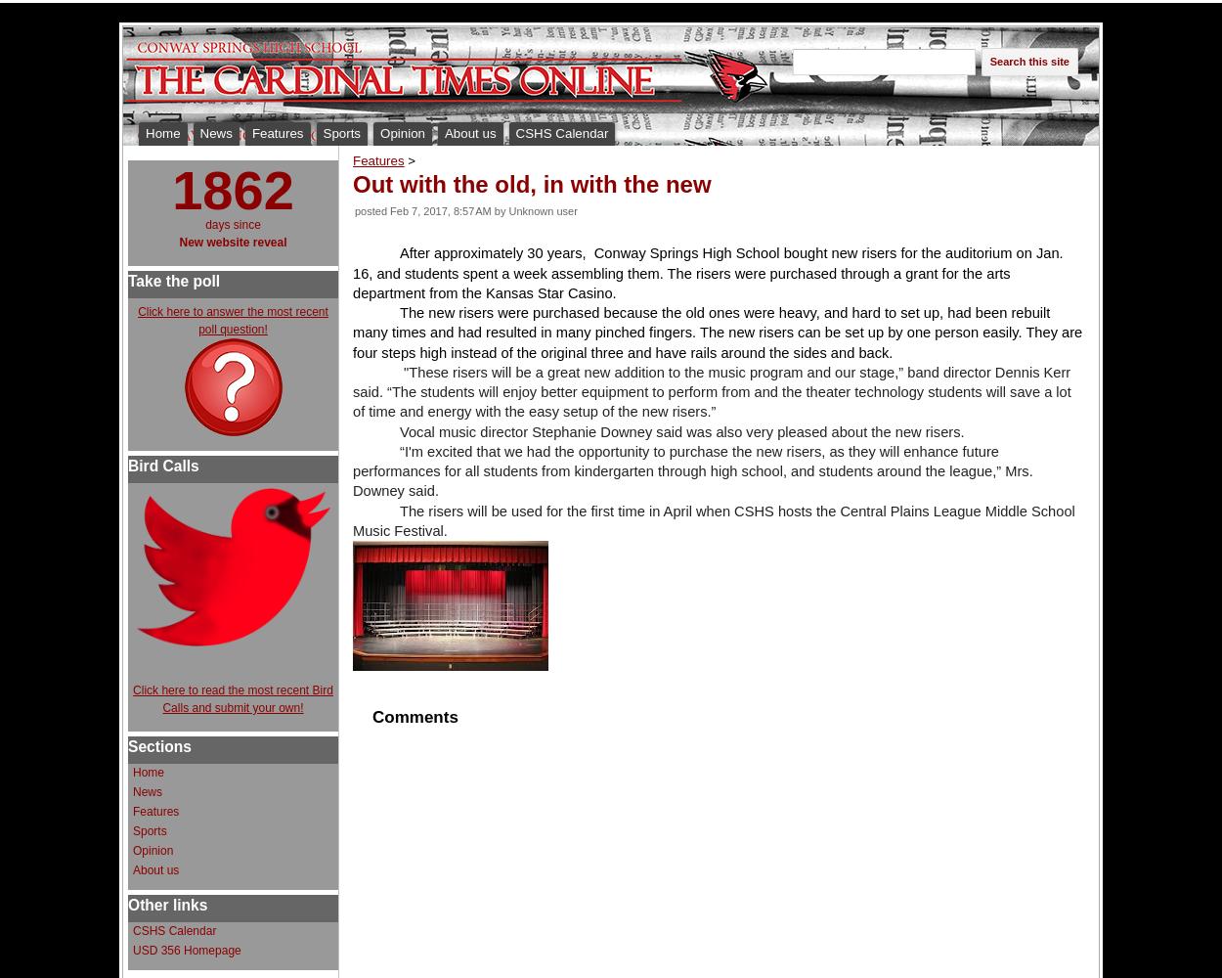 The width and height of the screenshot is (1222, 978). What do you see at coordinates (232, 223) in the screenshot?
I see `'days since'` at bounding box center [232, 223].